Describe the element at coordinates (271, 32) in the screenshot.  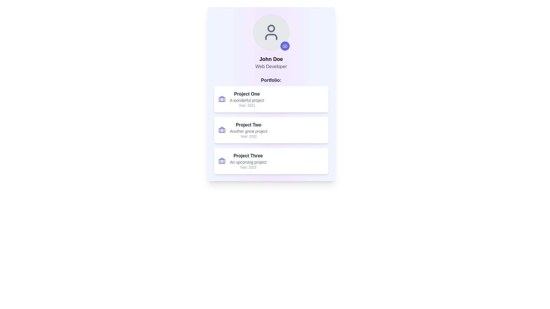
I see `the circular profile icon with a gray background and centered user icon, which includes a smaller blue circular button with a camera icon in the bottom-right corner` at that location.